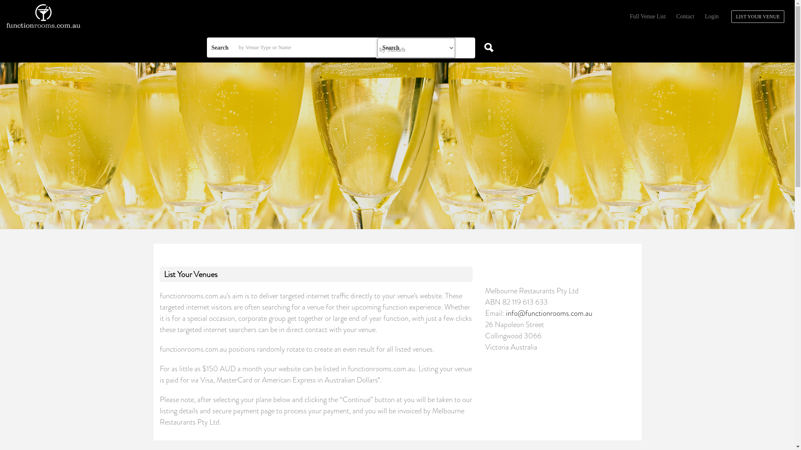 The image size is (801, 450). Describe the element at coordinates (549, 313) in the screenshot. I see `'info@functionrooms.com.au'` at that location.